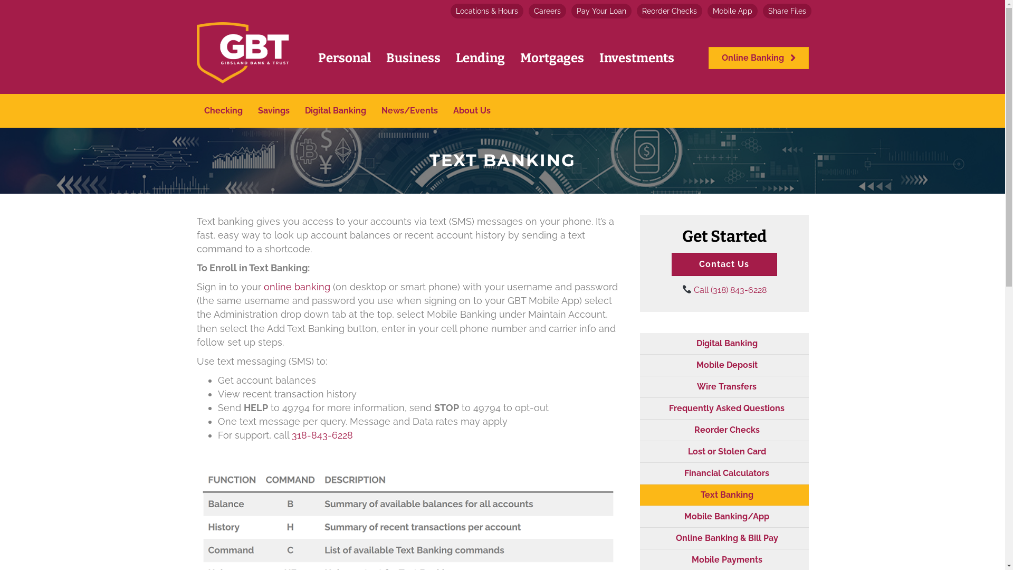 The height and width of the screenshot is (570, 1013). Describe the element at coordinates (787, 11) in the screenshot. I see `'Share Files'` at that location.